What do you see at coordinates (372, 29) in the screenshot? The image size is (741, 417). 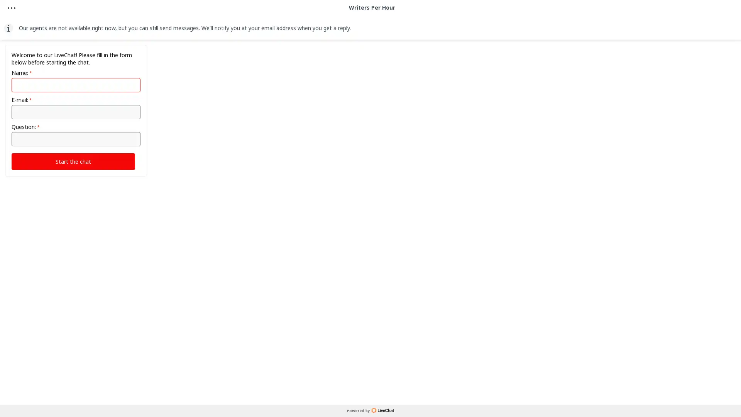 I see `Writers Per Hour` at bounding box center [372, 29].